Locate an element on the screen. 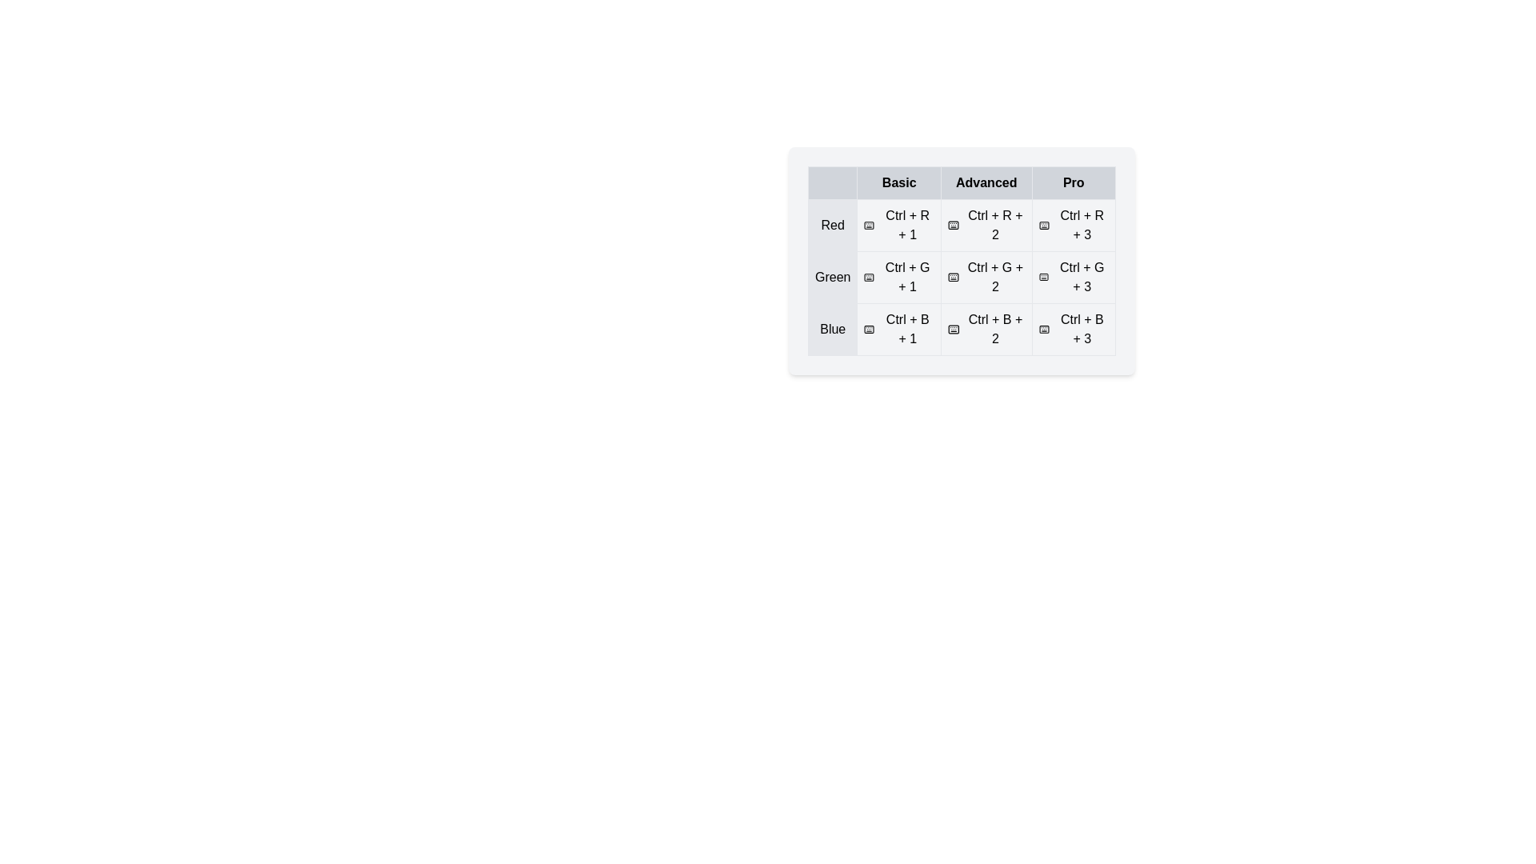 This screenshot has width=1536, height=864. the keyboard shortcut display element located in the 'Advanced' column and 'Red' row of the grid is located at coordinates (986, 225).